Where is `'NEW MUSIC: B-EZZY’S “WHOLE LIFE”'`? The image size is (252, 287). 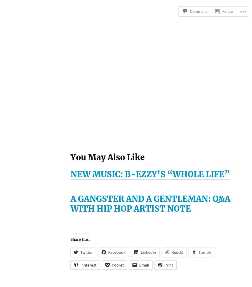 'NEW MUSIC: B-EZZY’S “WHOLE LIFE”' is located at coordinates (150, 174).